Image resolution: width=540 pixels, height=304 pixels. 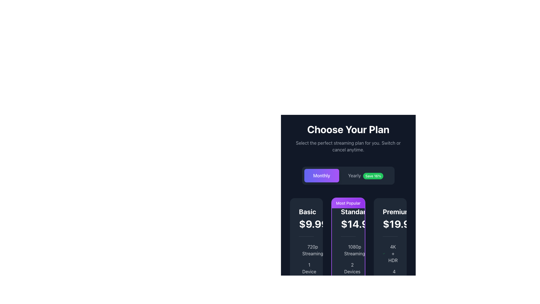 What do you see at coordinates (321, 175) in the screenshot?
I see `the 'Monthly' button-like text label with a purple background` at bounding box center [321, 175].